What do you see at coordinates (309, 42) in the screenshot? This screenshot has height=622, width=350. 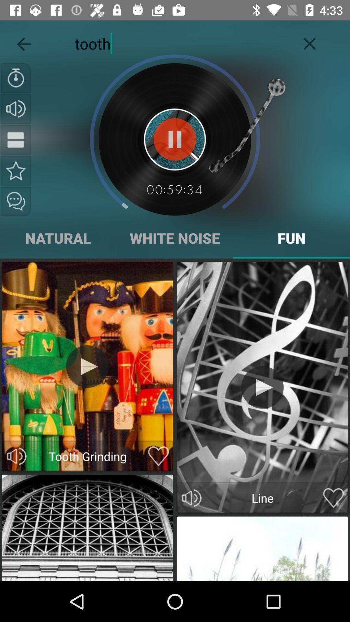 I see `the icon next to the tooth` at bounding box center [309, 42].